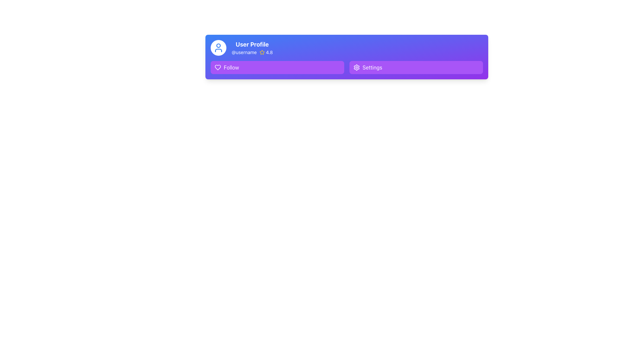  I want to click on the settings icon located in the top-right quadrant of the interface, which precedes the text label 'Settings', so click(356, 67).